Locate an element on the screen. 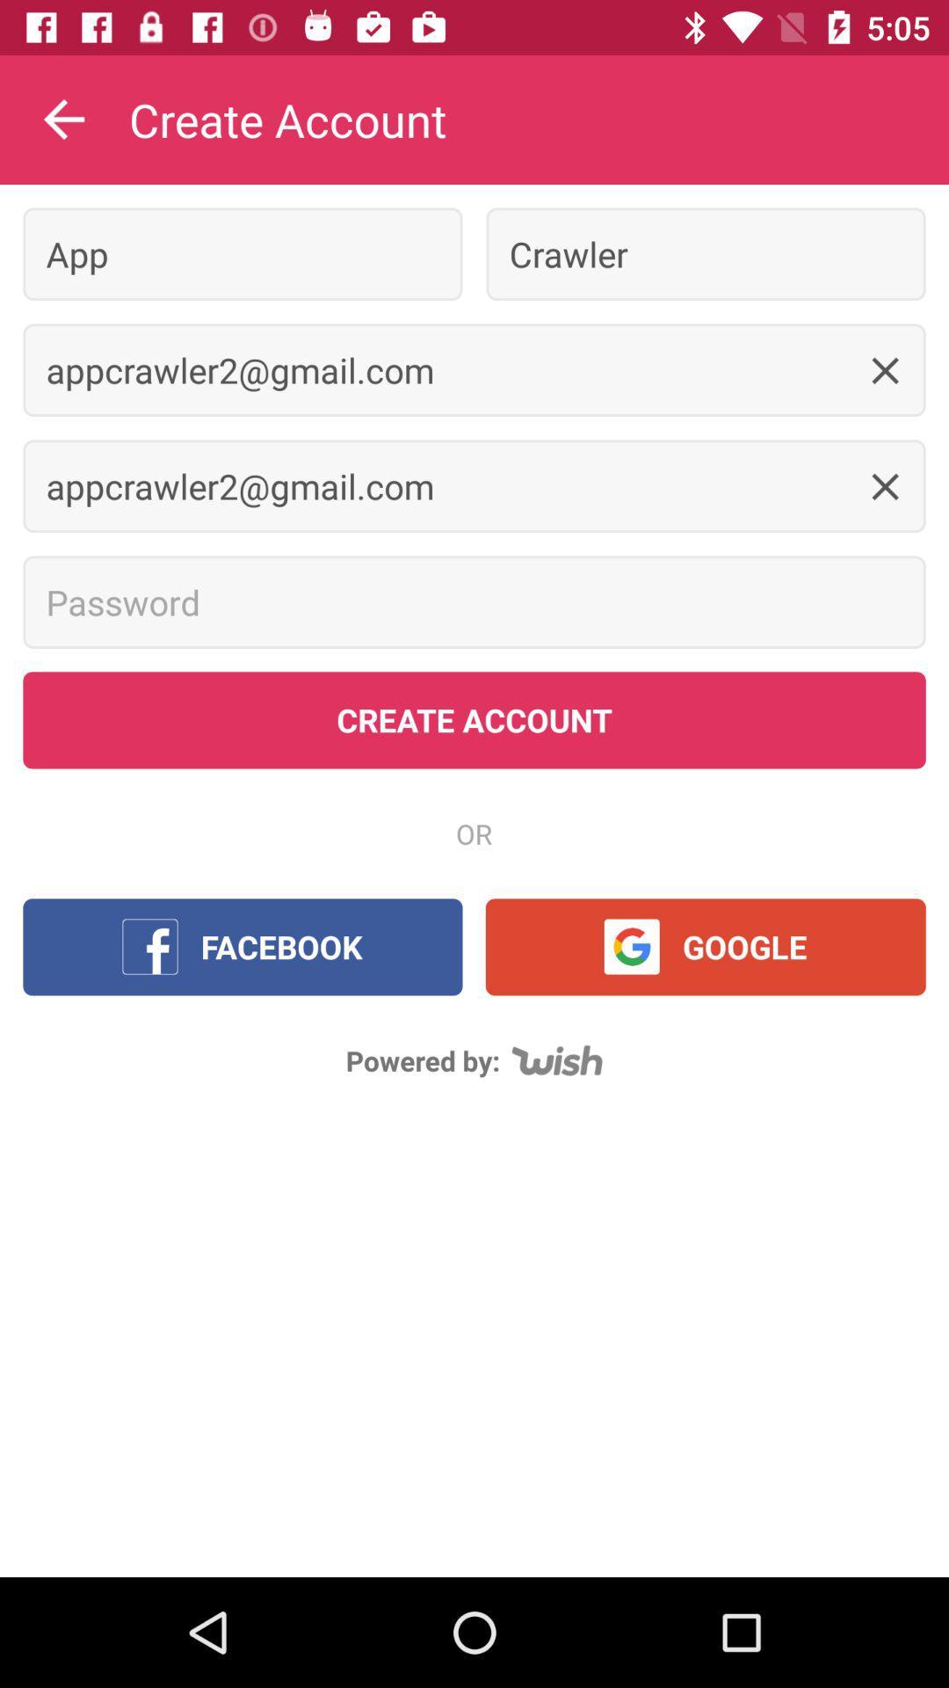 The width and height of the screenshot is (949, 1688). app item is located at coordinates (243, 253).